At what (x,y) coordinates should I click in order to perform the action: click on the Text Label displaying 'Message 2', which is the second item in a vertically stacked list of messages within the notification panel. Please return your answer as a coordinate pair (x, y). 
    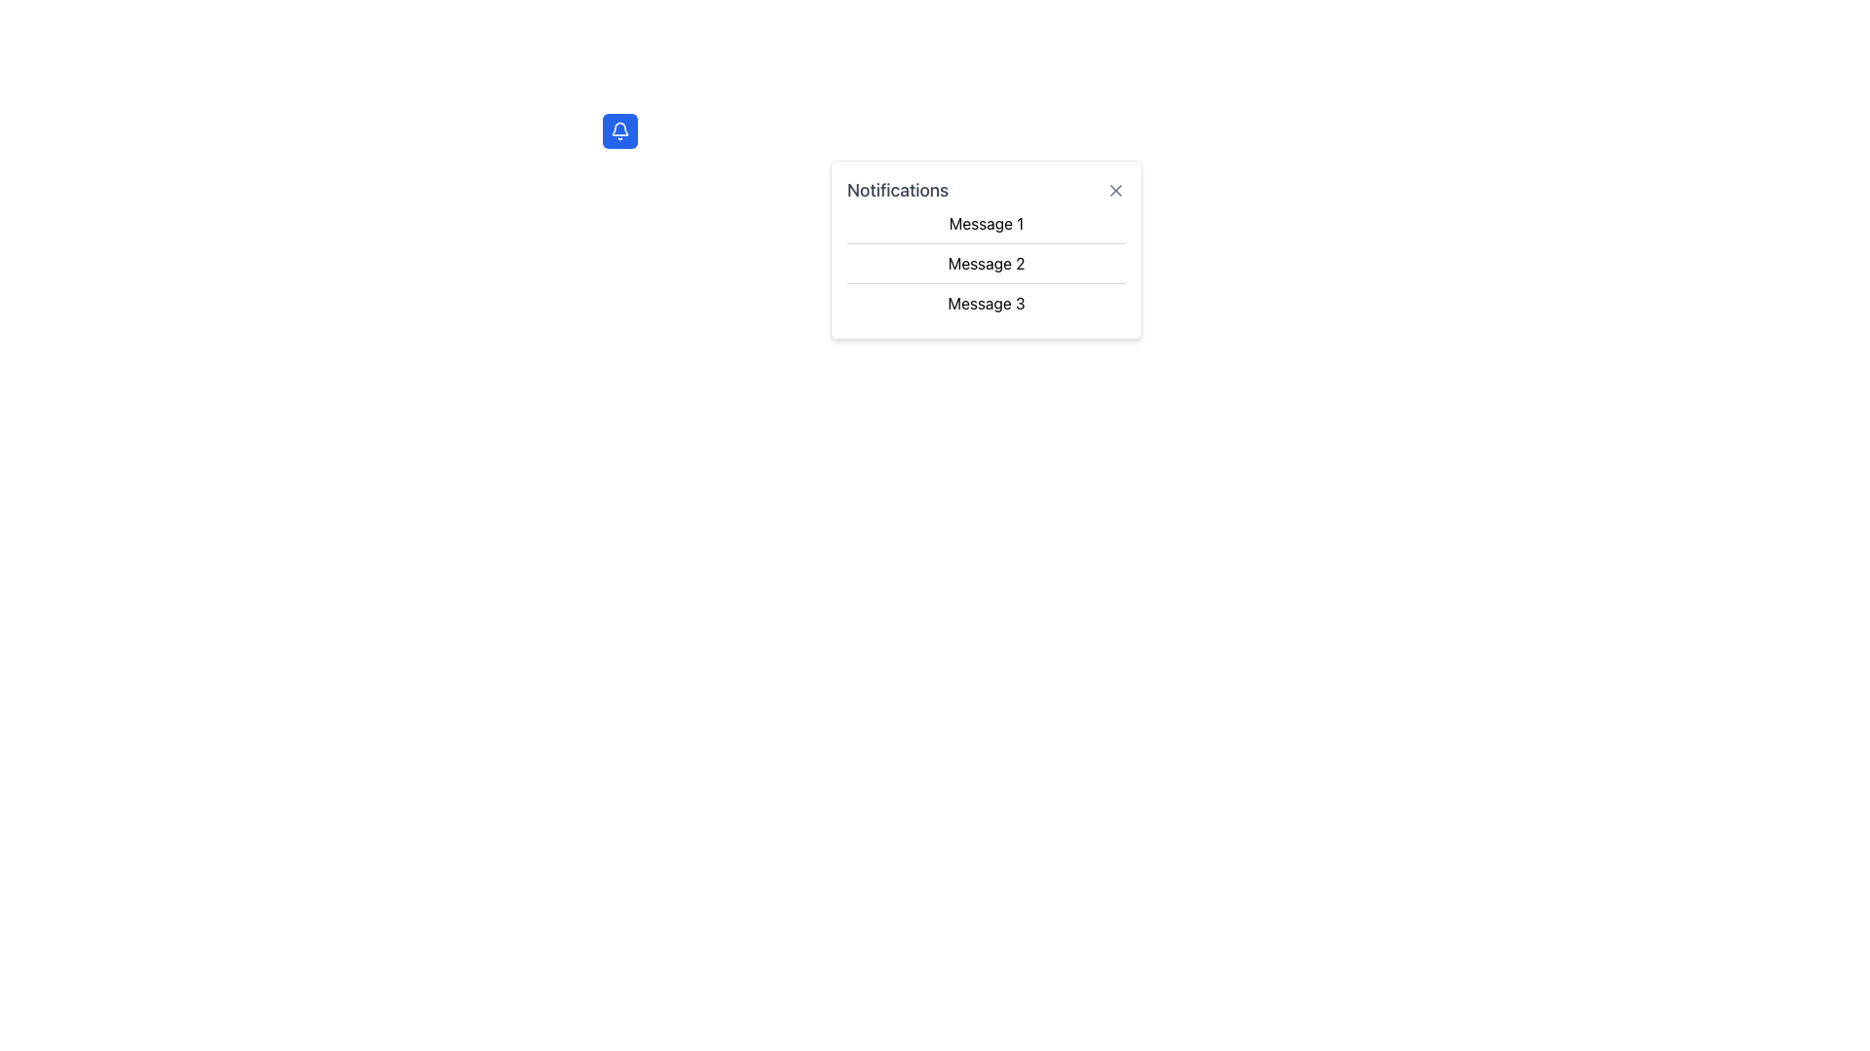
    Looking at the image, I should click on (986, 264).